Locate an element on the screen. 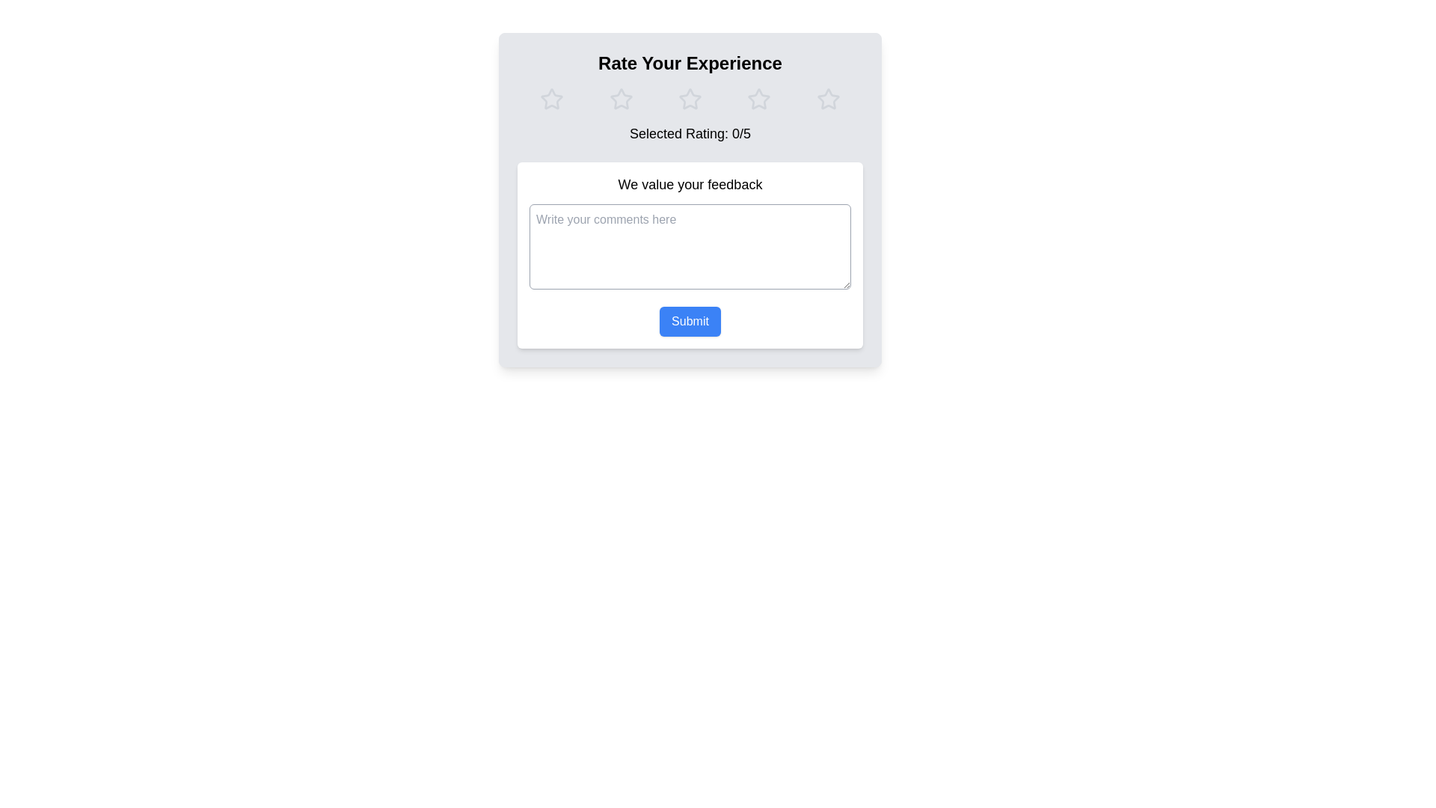 This screenshot has height=808, width=1436. the group of interactive star icons for rating is located at coordinates (689, 99).